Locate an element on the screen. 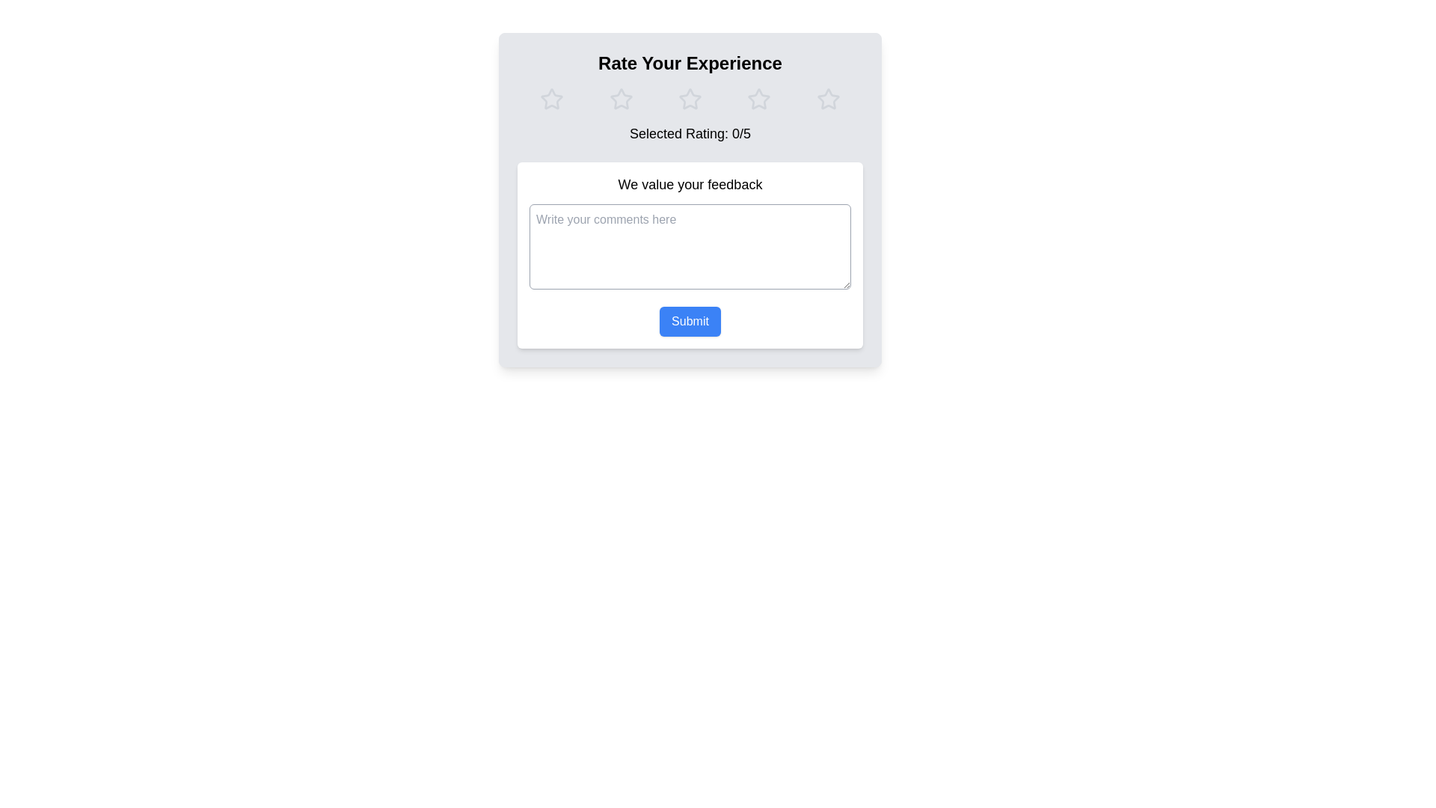 This screenshot has height=808, width=1436. the group of interactive star icons for rating is located at coordinates (689, 99).